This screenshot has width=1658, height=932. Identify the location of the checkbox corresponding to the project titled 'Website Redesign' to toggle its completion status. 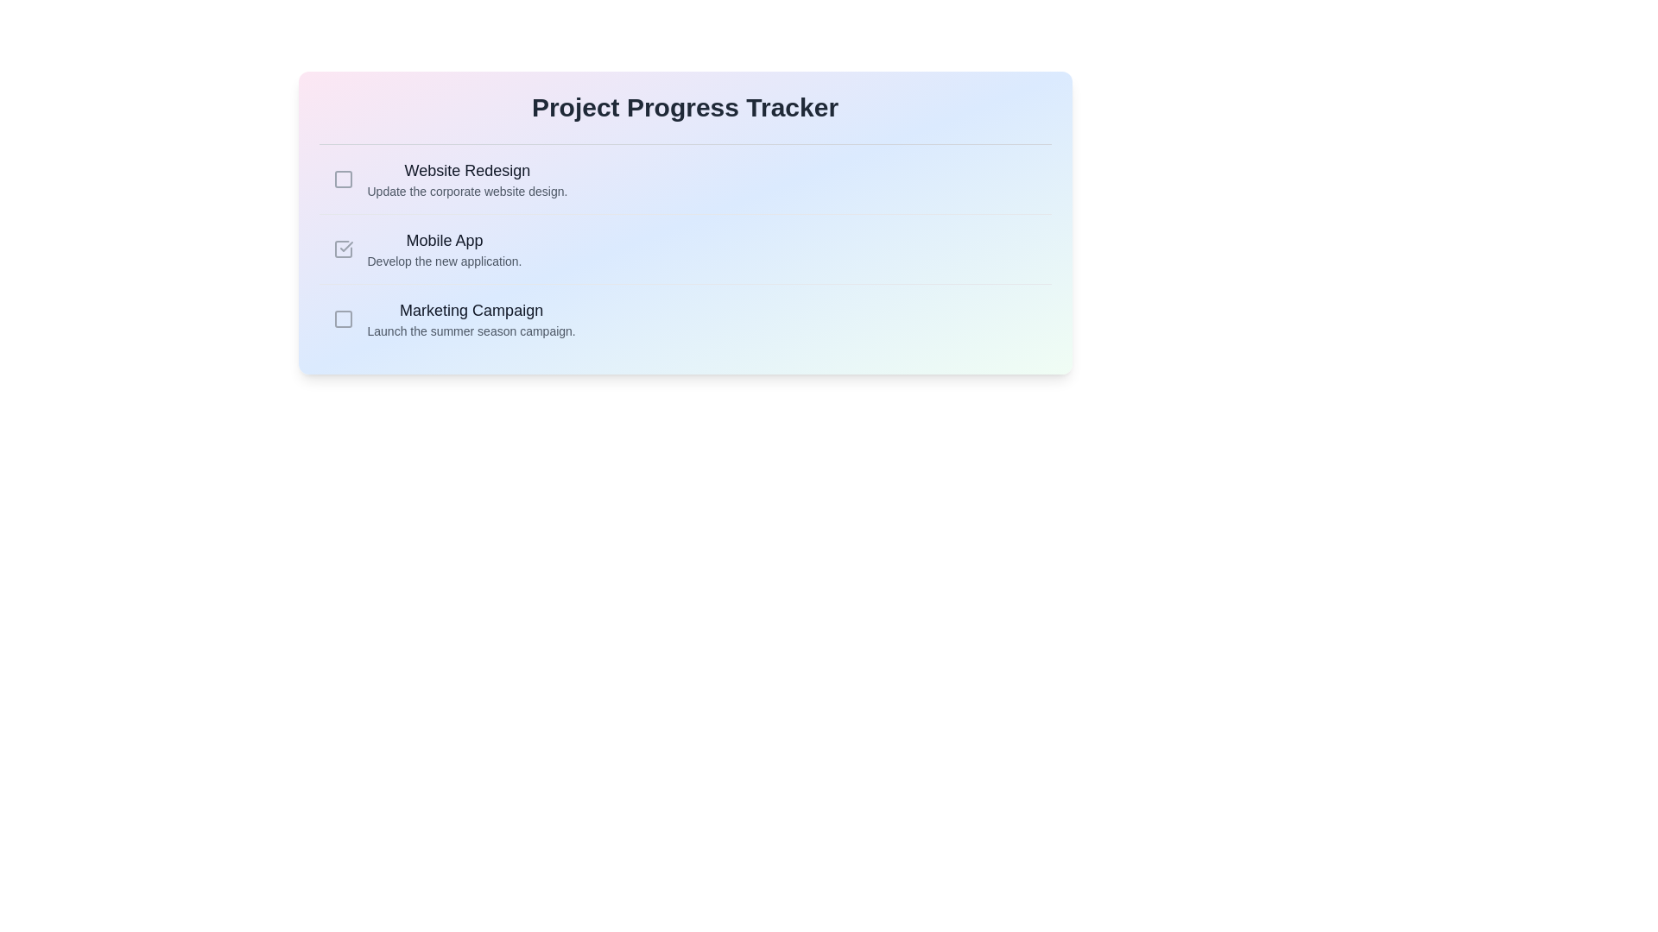
(343, 179).